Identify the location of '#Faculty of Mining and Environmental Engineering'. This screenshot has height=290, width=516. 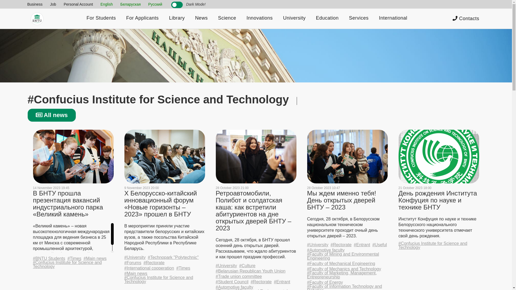
(347, 256).